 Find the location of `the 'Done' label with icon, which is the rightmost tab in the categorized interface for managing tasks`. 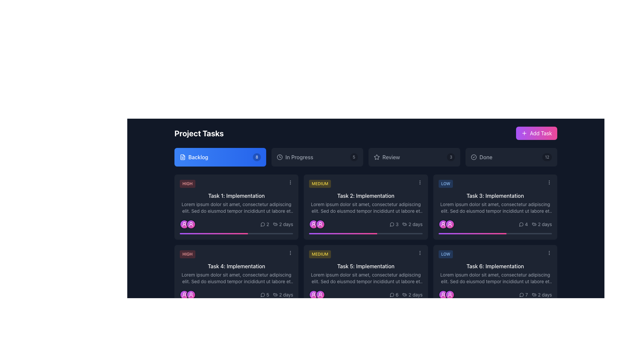

the 'Done' label with icon, which is the rightmost tab in the categorized interface for managing tasks is located at coordinates (481, 157).